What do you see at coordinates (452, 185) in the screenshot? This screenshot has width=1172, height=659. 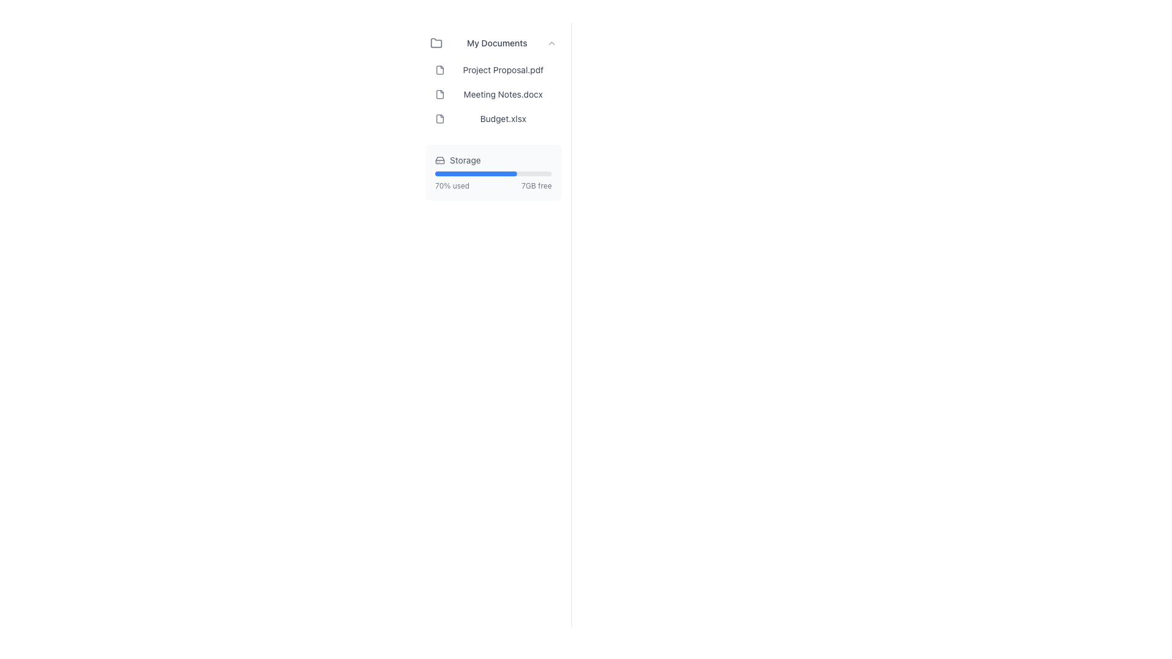 I see `the static text label that indicates the percentage of storage utilized, located near the bottom of the 'Storage' section, to the left of the '7GB free' text` at bounding box center [452, 185].